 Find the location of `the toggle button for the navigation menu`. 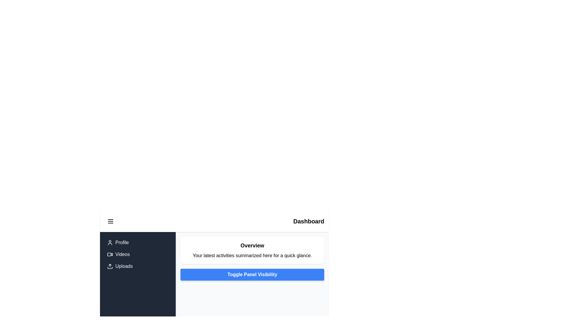

the toggle button for the navigation menu is located at coordinates (111, 221).